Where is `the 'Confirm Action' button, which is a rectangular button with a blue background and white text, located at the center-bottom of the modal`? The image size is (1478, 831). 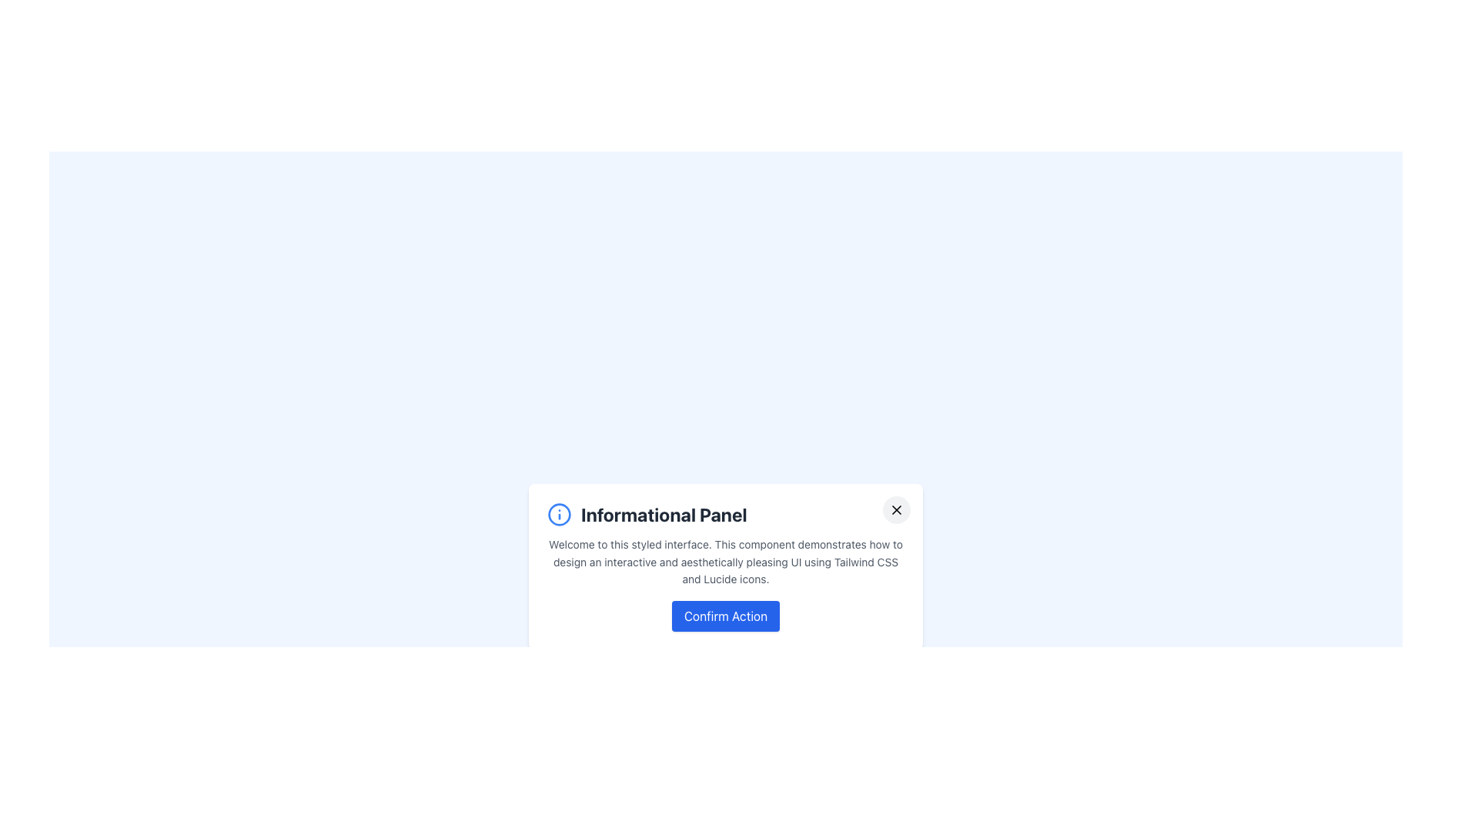
the 'Confirm Action' button, which is a rectangular button with a blue background and white text, located at the center-bottom of the modal is located at coordinates (724, 616).